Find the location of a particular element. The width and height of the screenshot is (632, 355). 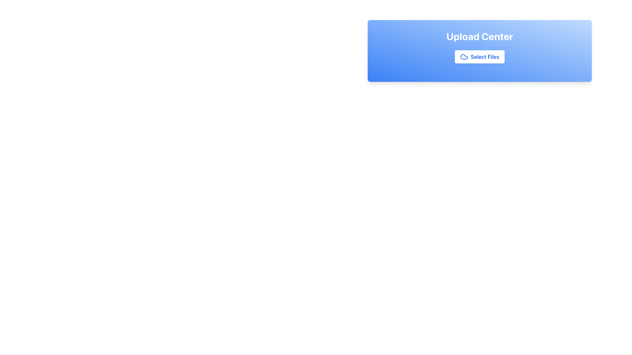

the 'Select Files' button located centrally under the 'Upload Center' text to upload files is located at coordinates (480, 57).